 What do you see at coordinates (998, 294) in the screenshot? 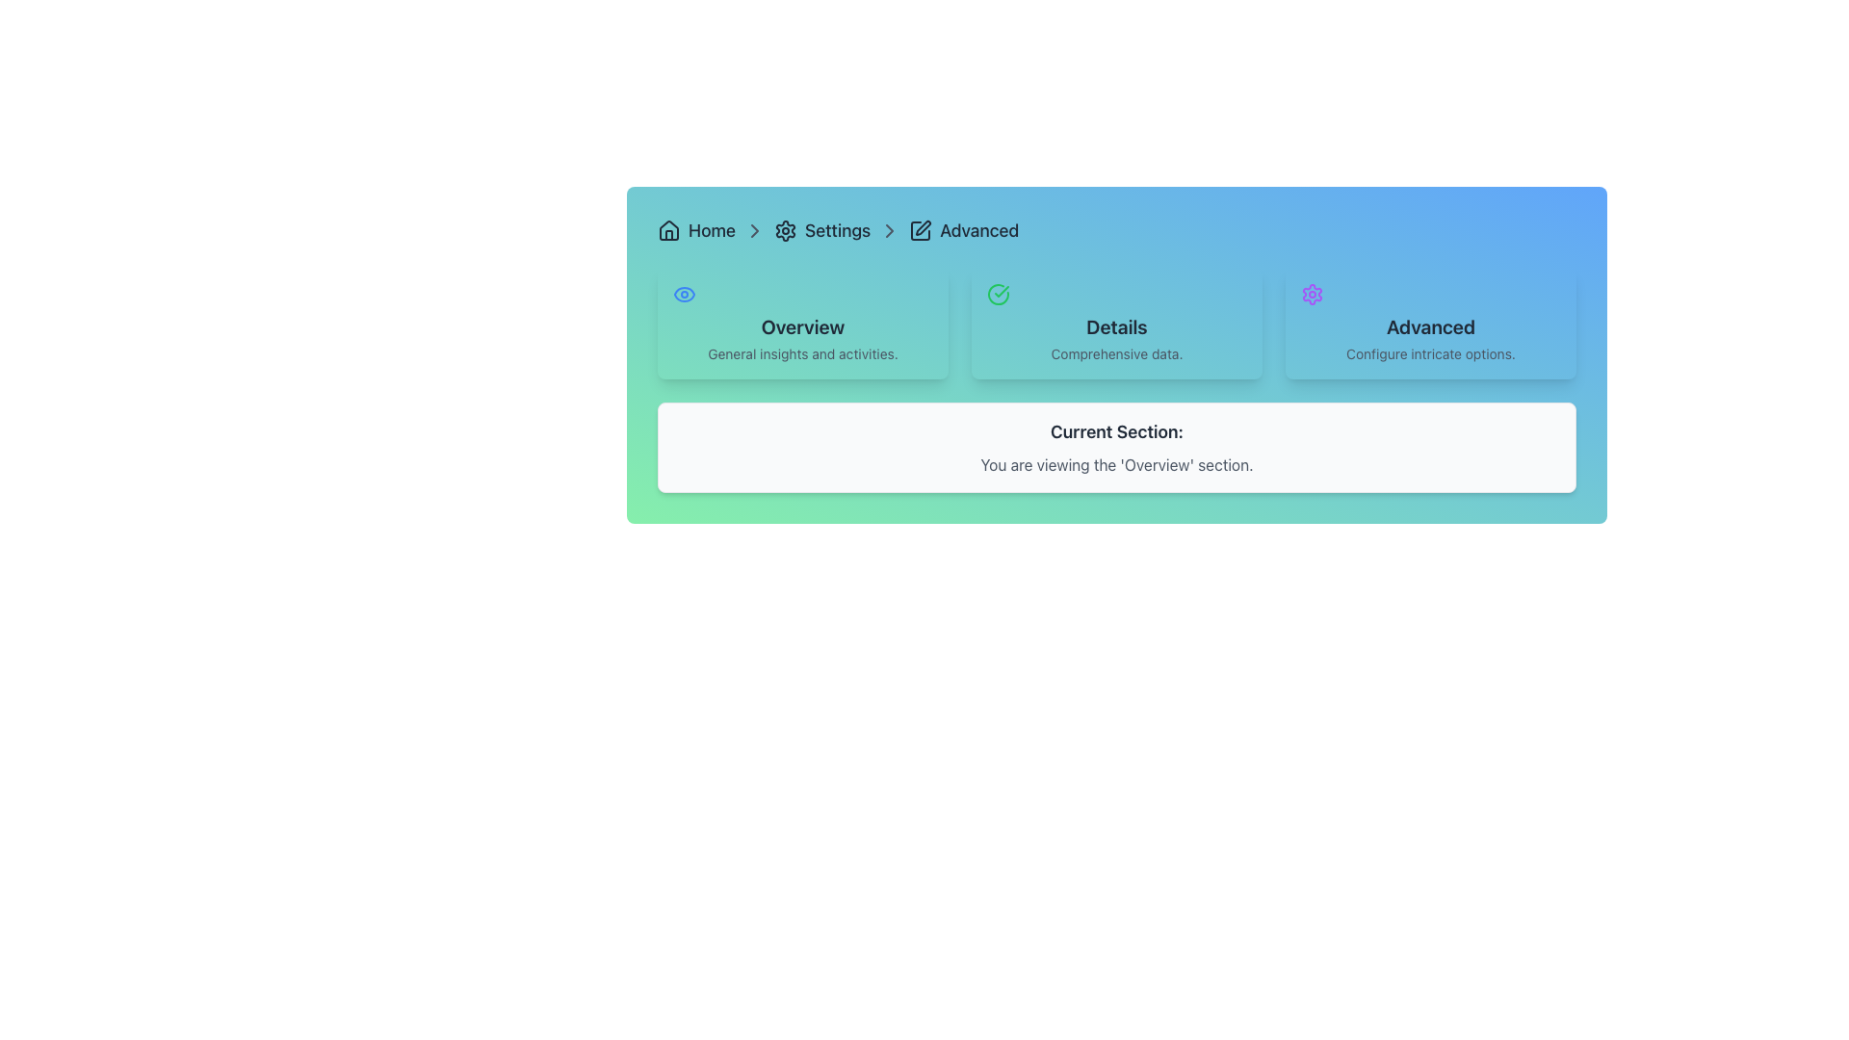
I see `the confirmation check mark icon, which is styled with a circular outline and is centrally located within the 'Details' section card` at bounding box center [998, 294].